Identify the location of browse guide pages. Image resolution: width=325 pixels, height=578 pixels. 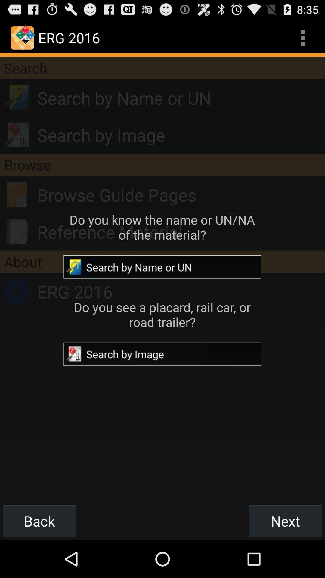
(181, 195).